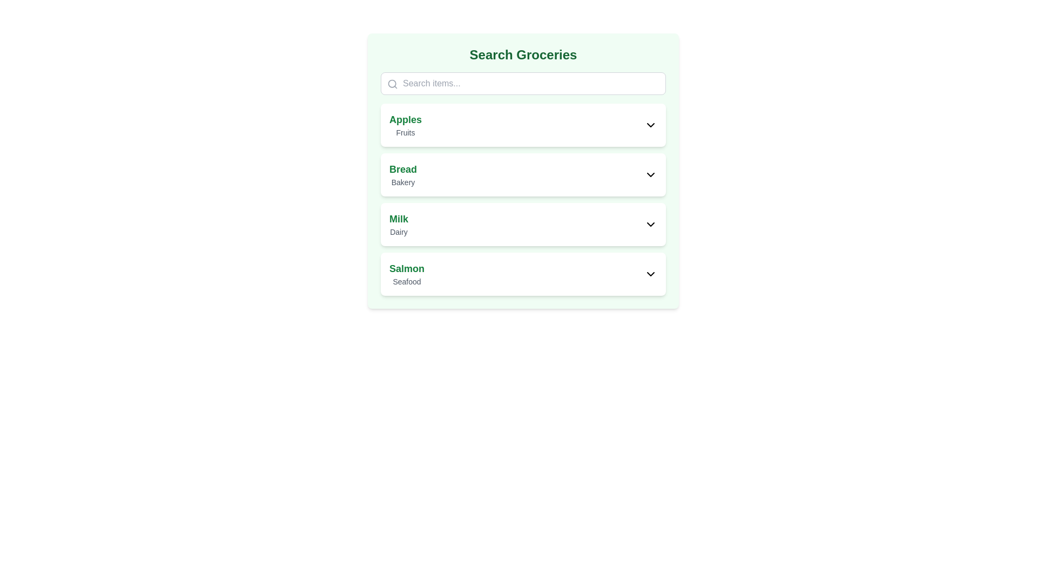  What do you see at coordinates (523, 174) in the screenshot?
I see `the second entry in the dropdown list labeled 'Bread - Bakery'` at bounding box center [523, 174].